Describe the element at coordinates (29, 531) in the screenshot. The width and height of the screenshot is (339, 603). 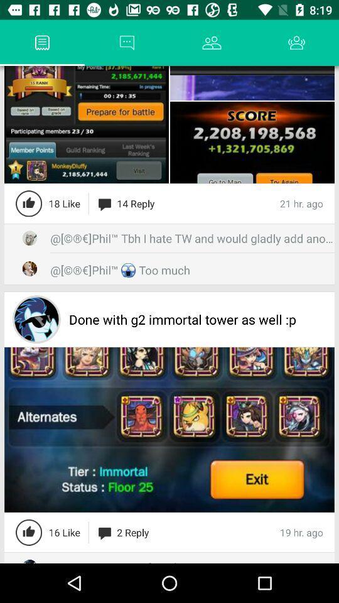
I see `this button feature will like the post` at that location.